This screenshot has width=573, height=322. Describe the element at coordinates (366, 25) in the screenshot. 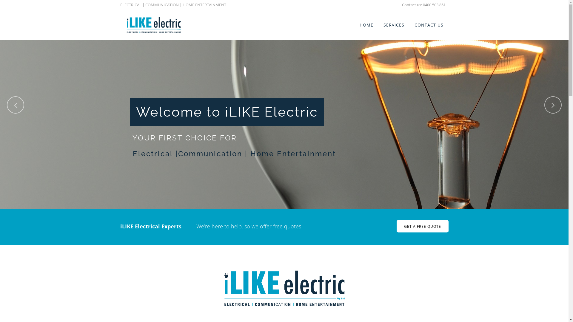

I see `'HOME'` at that location.